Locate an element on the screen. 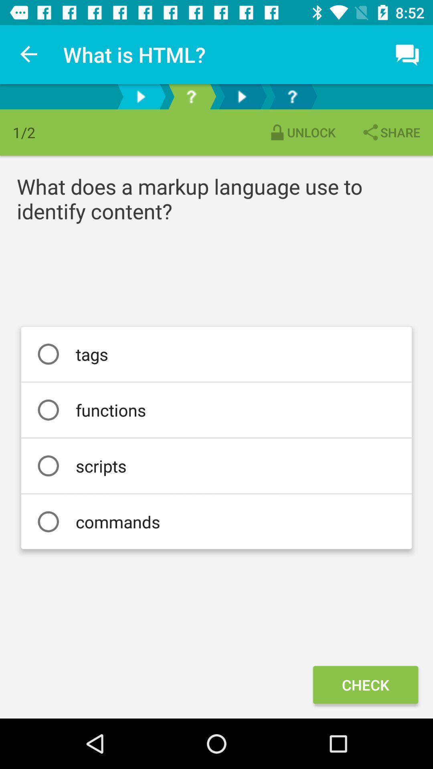 This screenshot has width=433, height=769. questions is located at coordinates (191, 96).